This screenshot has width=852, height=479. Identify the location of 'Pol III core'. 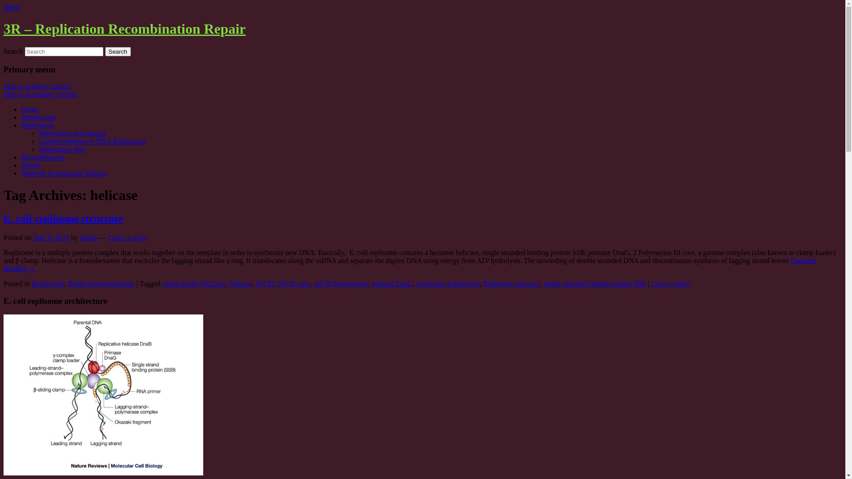
(294, 283).